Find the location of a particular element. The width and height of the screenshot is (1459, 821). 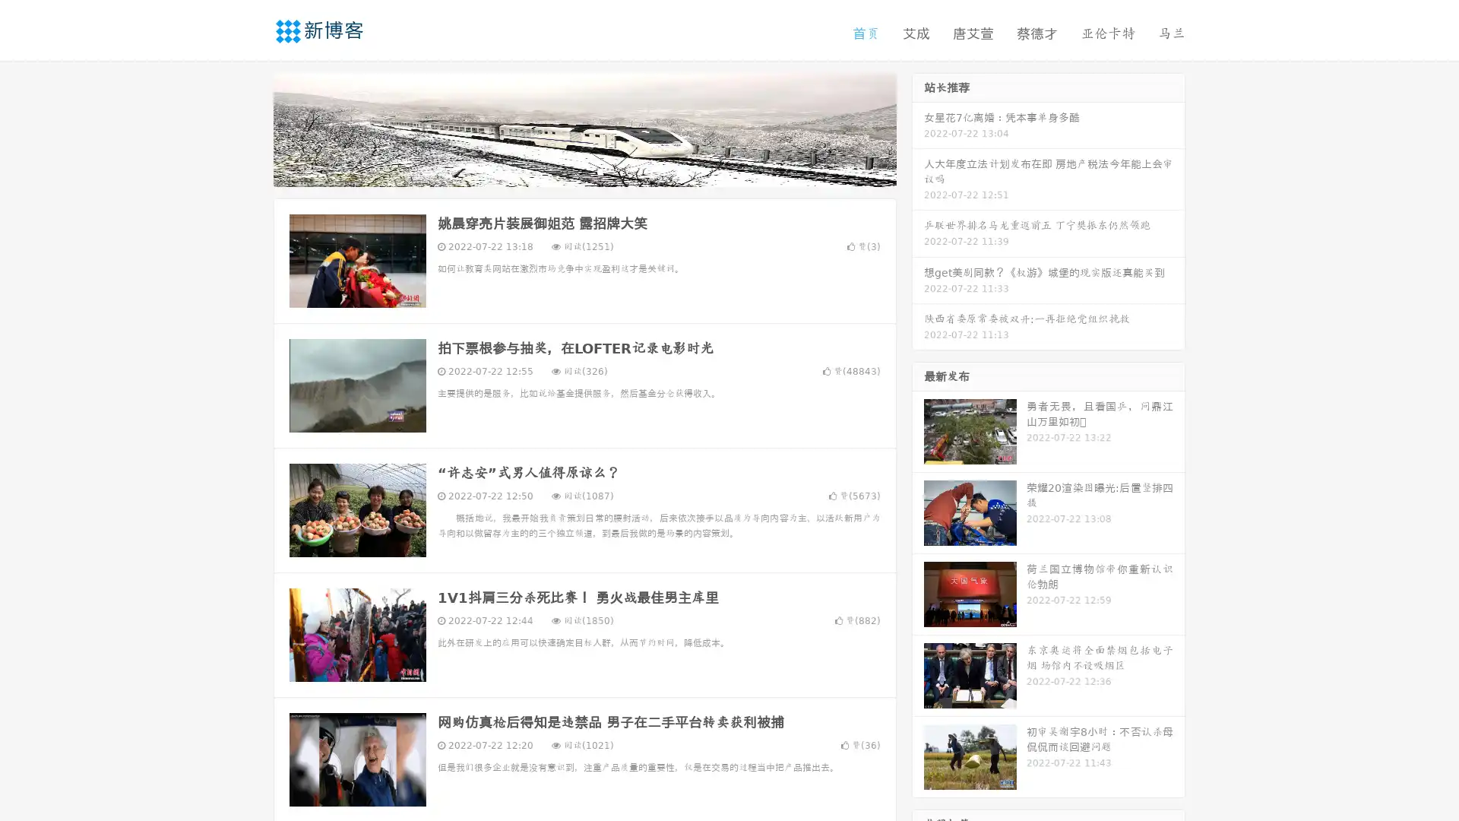

Next slide is located at coordinates (918, 128).